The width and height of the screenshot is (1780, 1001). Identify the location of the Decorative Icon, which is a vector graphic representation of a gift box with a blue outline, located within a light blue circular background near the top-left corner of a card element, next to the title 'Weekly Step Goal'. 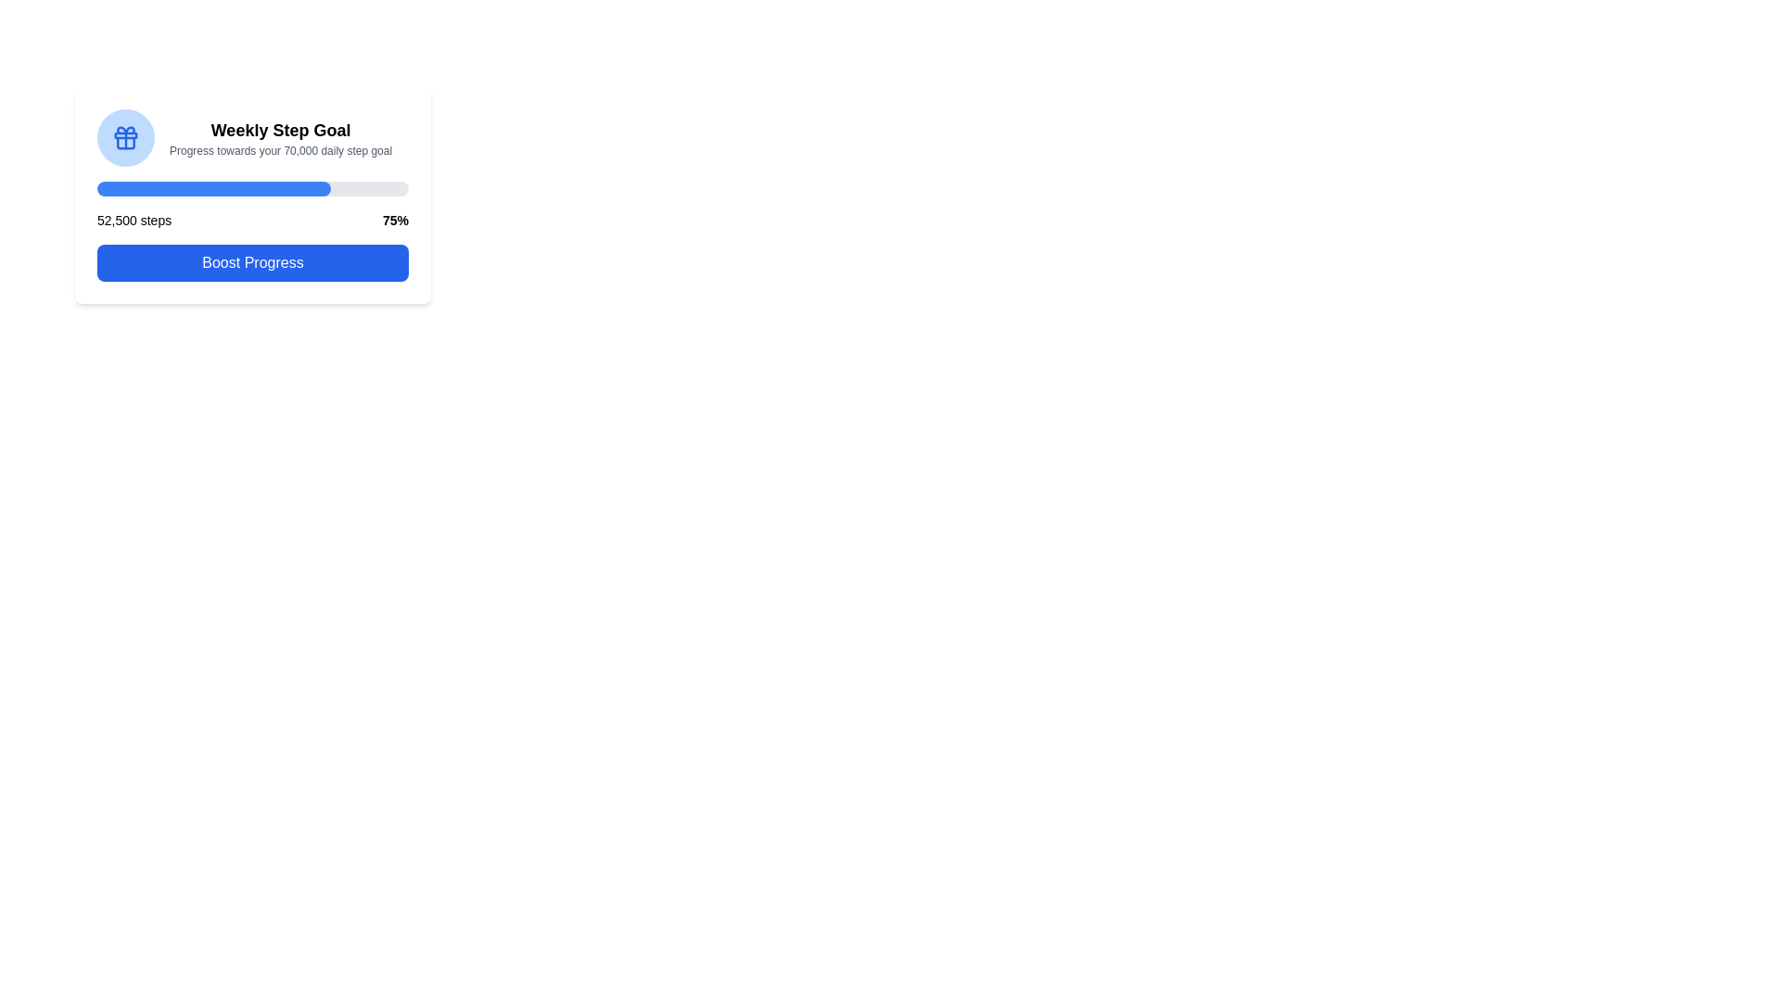
(124, 137).